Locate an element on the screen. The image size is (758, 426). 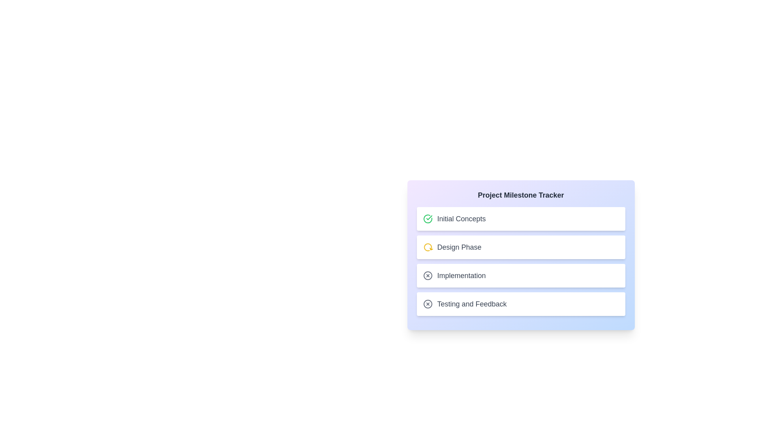
the icon adjacent to the 'Implementation' milestone to interact with the milestone status is located at coordinates (427, 275).